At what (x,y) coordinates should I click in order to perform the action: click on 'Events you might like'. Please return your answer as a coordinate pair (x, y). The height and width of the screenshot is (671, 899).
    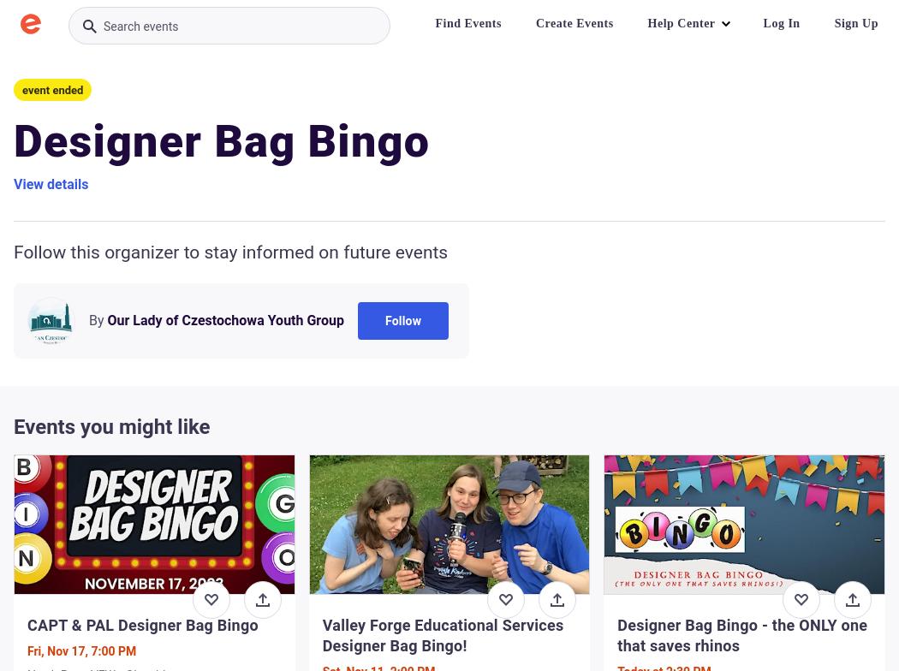
    Looking at the image, I should click on (110, 427).